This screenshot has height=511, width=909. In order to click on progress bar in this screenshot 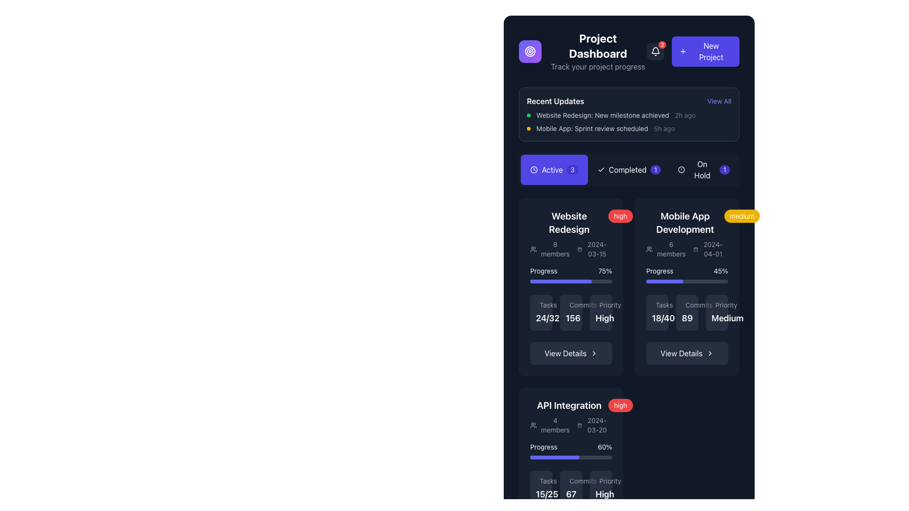, I will do `click(568, 457)`.